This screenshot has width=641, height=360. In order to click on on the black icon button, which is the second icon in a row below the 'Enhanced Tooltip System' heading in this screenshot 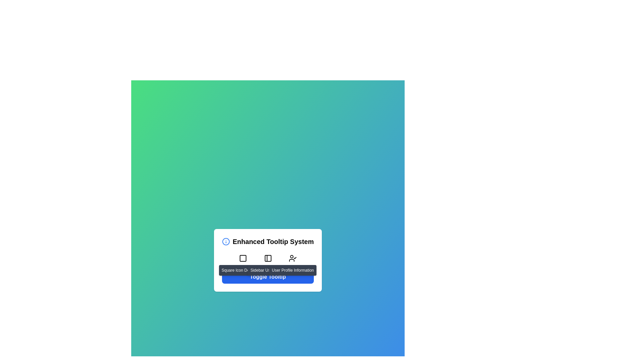, I will do `click(268, 258)`.